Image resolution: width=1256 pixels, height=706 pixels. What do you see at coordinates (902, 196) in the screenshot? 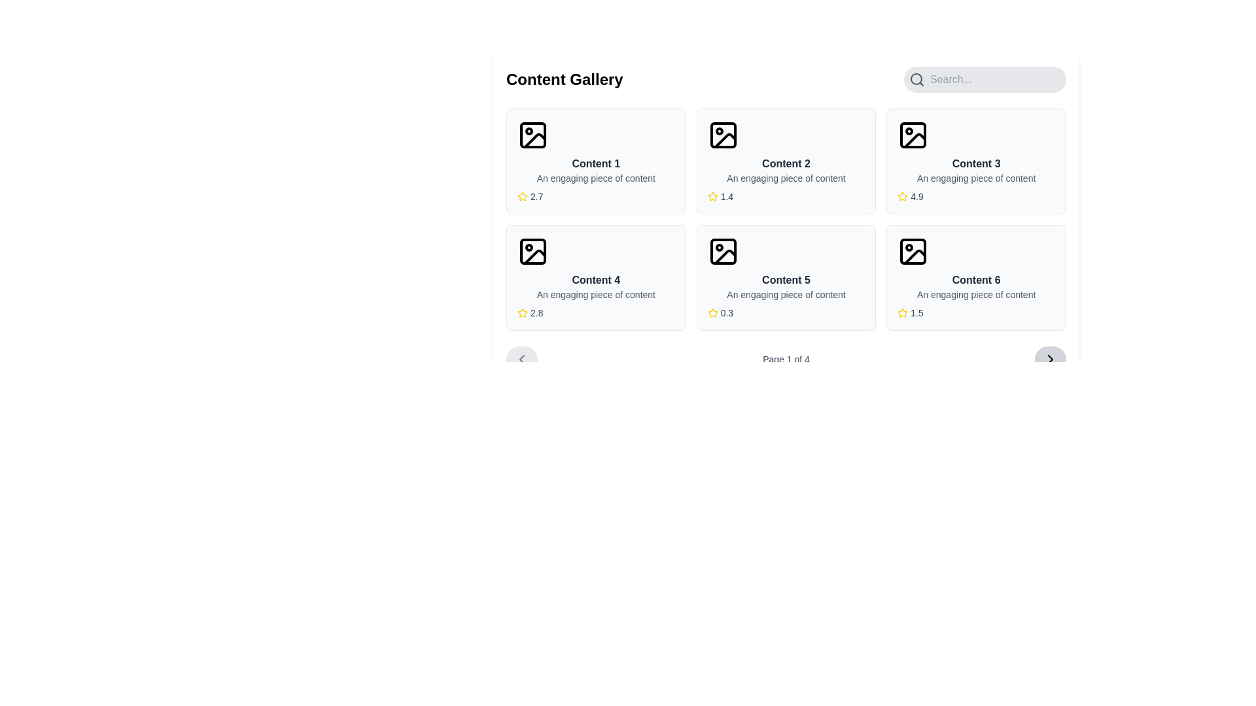
I see `the star-shaped icon with a yellow outline, which is used as a rating symbol and is located closely to the numeric text '4.9' in the content card for 'Content 3'` at bounding box center [902, 196].